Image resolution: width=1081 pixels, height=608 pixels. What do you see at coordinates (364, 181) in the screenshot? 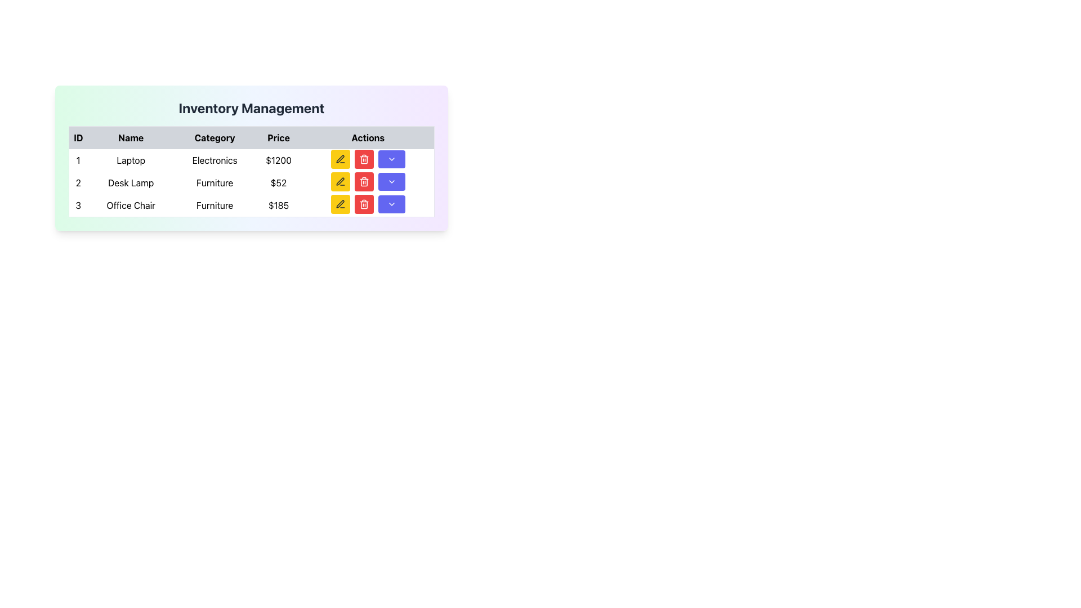
I see `the red trash icon button in the 'Actions' column of the data table` at bounding box center [364, 181].